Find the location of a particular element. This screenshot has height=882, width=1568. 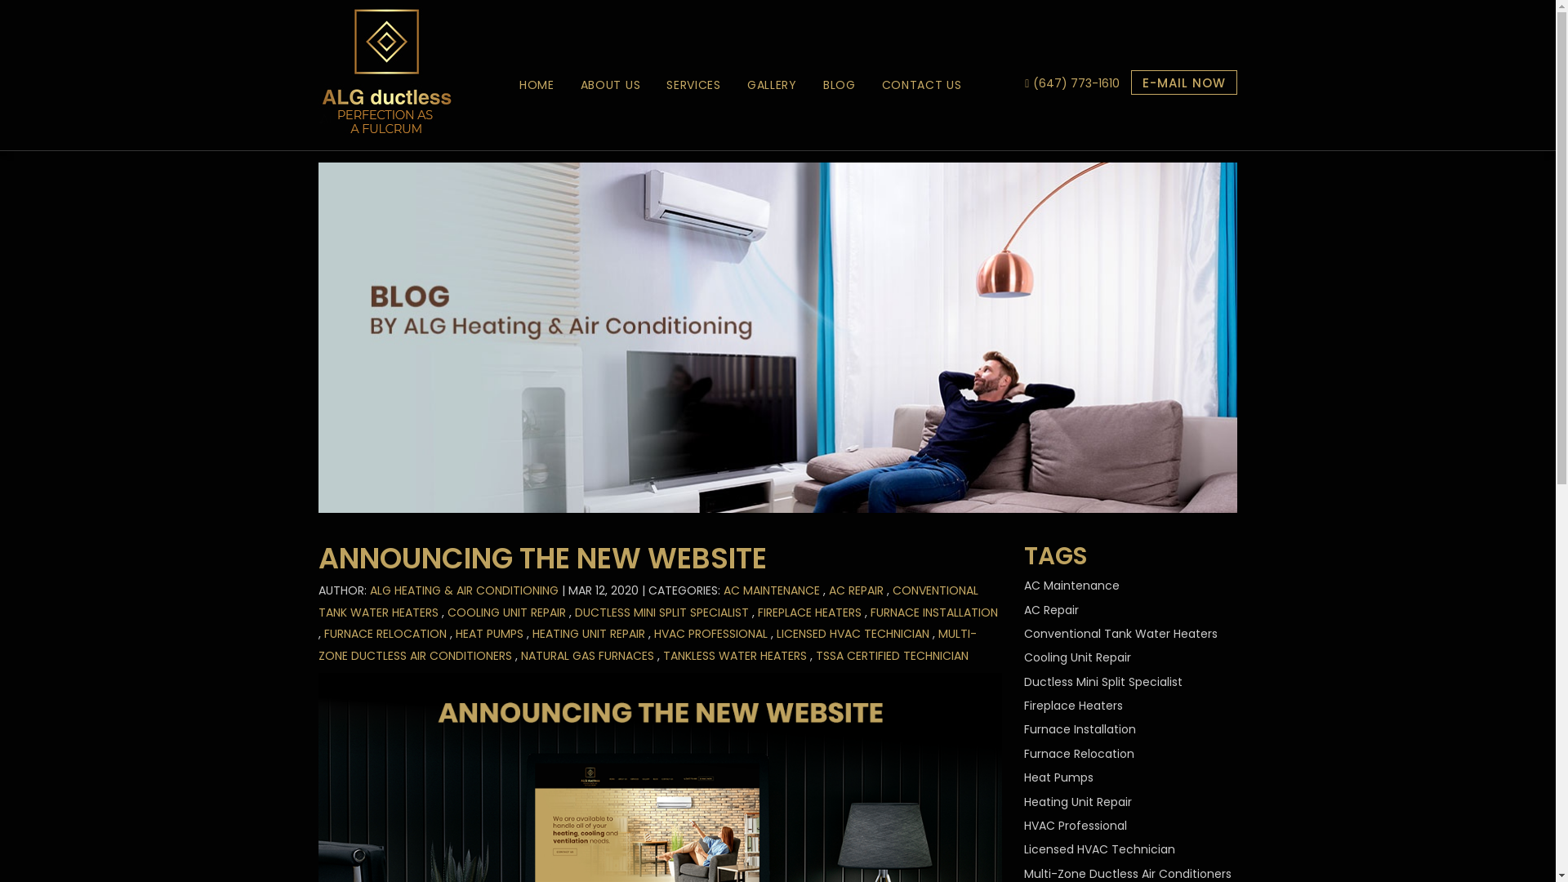

'HVAC PROFESSIONAL' is located at coordinates (654, 632).